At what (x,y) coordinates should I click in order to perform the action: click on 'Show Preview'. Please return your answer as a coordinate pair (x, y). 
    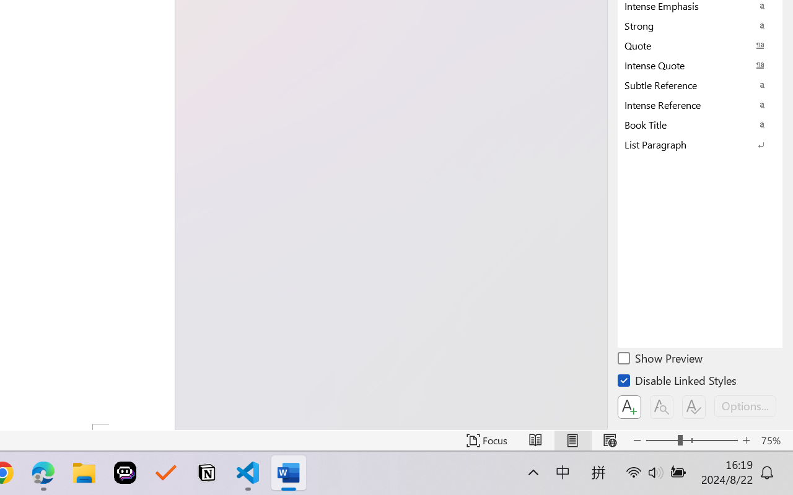
    Looking at the image, I should click on (660, 359).